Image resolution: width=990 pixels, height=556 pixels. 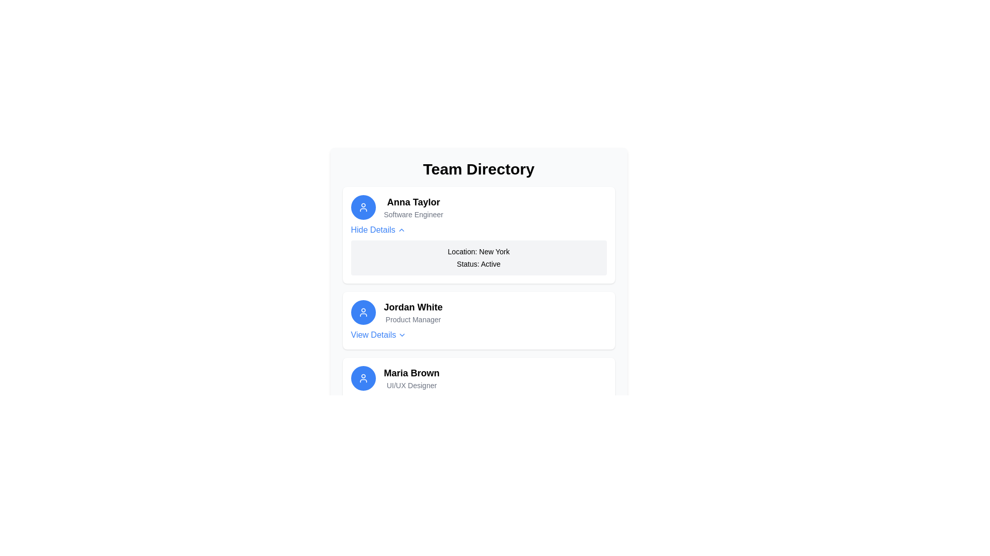 What do you see at coordinates (411, 373) in the screenshot?
I see `text label displaying the name 'Maria Brown', which is styled in bold and larger font, located at the bottom section of the team member listing interface` at bounding box center [411, 373].